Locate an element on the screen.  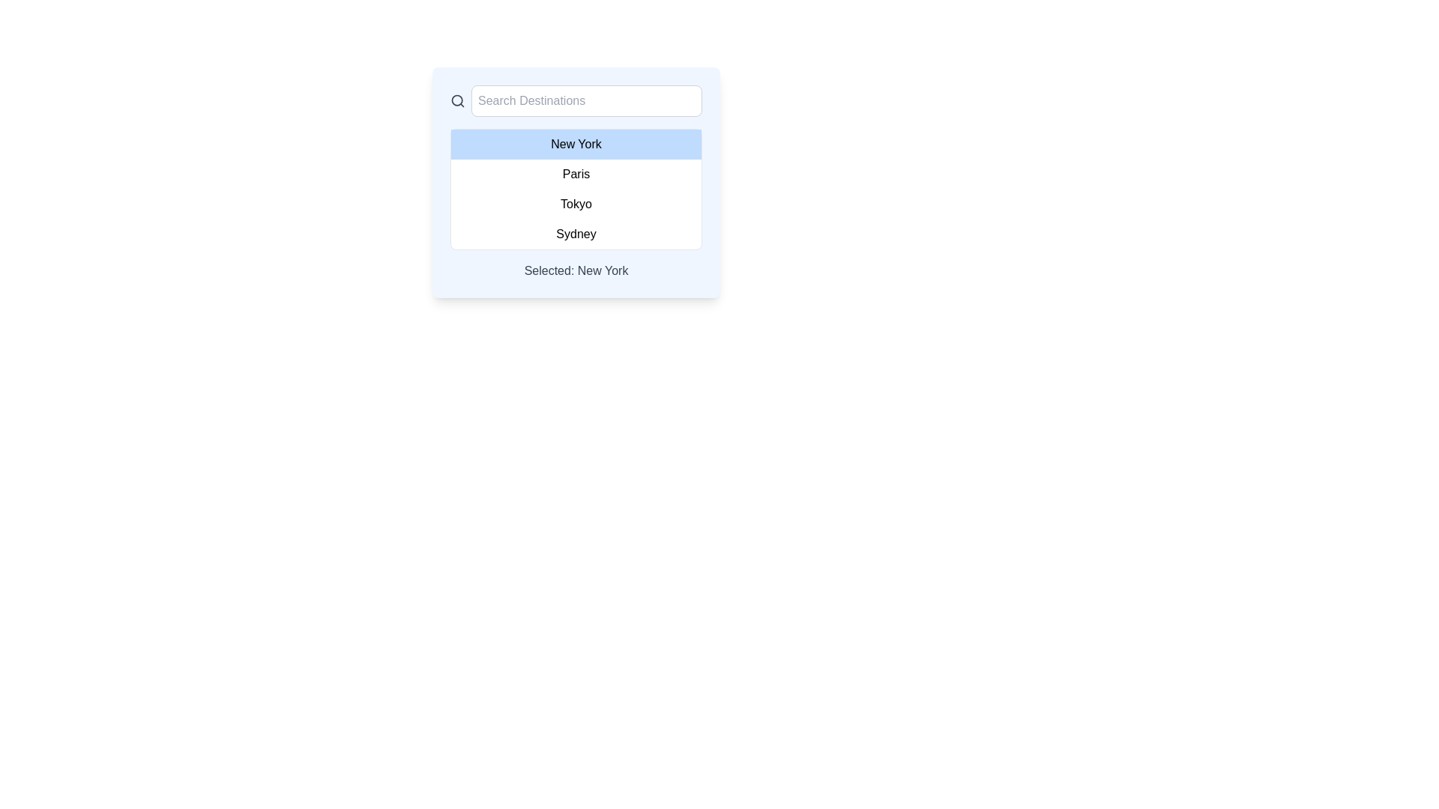
text content of the first option in the list of cities, which is located under the 'Search Destinations' input field is located at coordinates (575, 144).